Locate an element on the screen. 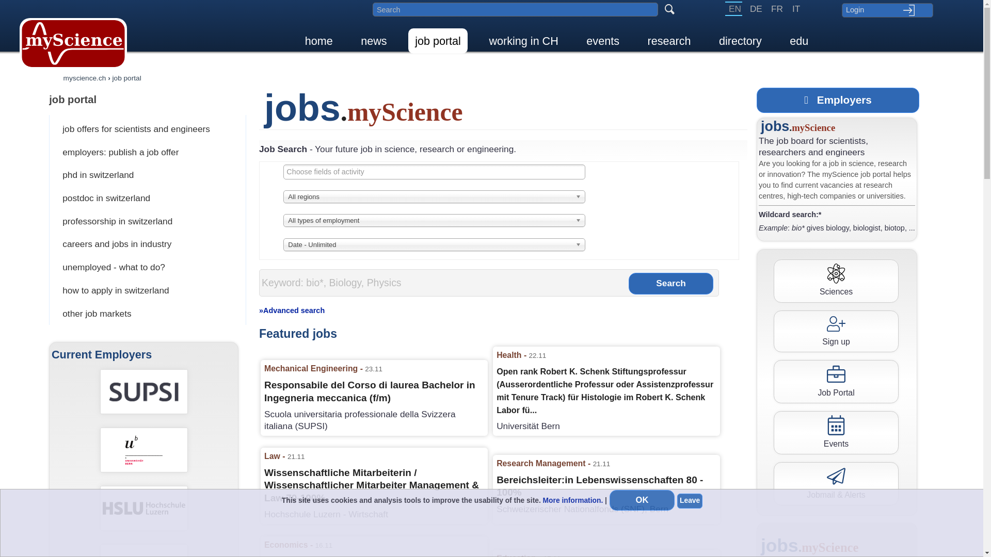 The image size is (991, 557). 'Bereichsleiter:in Lebenswissenschaften 80 - 100%' is located at coordinates (606, 486).